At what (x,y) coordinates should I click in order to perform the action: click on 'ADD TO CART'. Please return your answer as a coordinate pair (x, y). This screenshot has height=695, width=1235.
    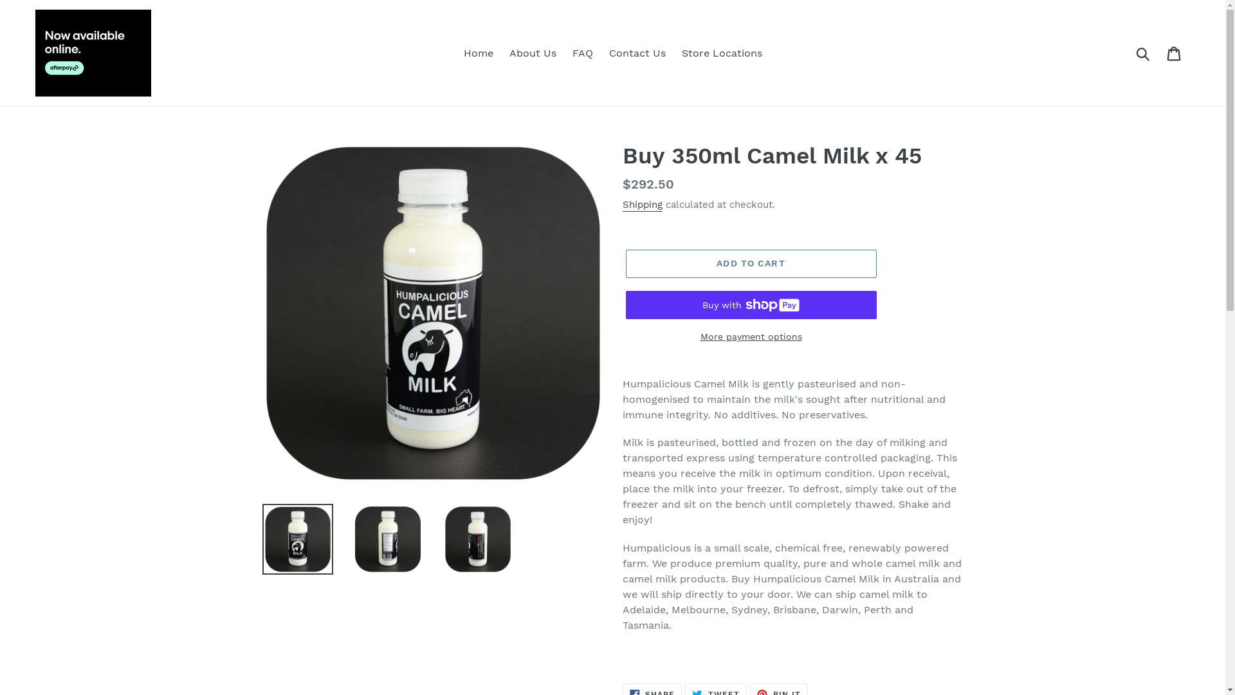
    Looking at the image, I should click on (750, 263).